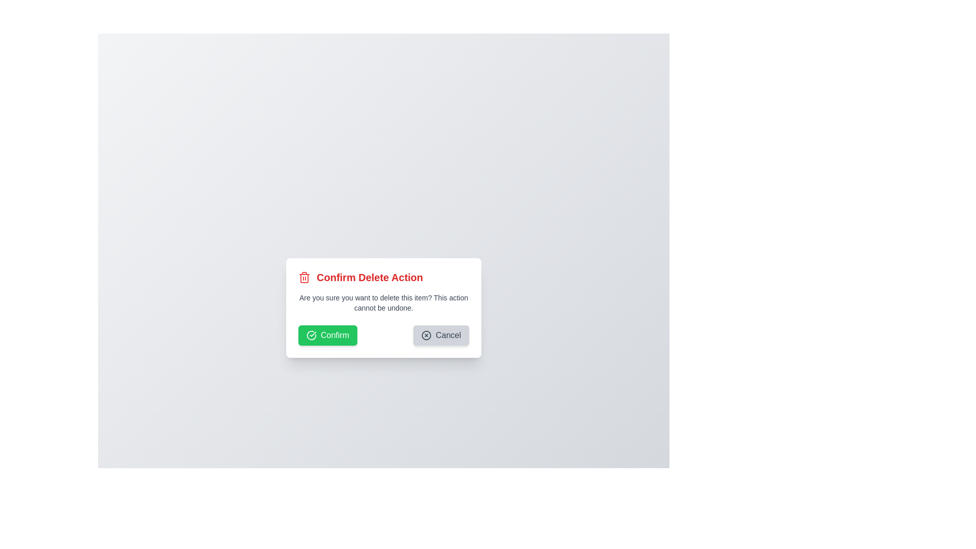 Image resolution: width=976 pixels, height=549 pixels. What do you see at coordinates (311, 335) in the screenshot?
I see `the checkmark icon within the green 'Confirm' button located on the bottom-left of the confirmation dialog box labeled 'Confirm Delete Action'` at bounding box center [311, 335].